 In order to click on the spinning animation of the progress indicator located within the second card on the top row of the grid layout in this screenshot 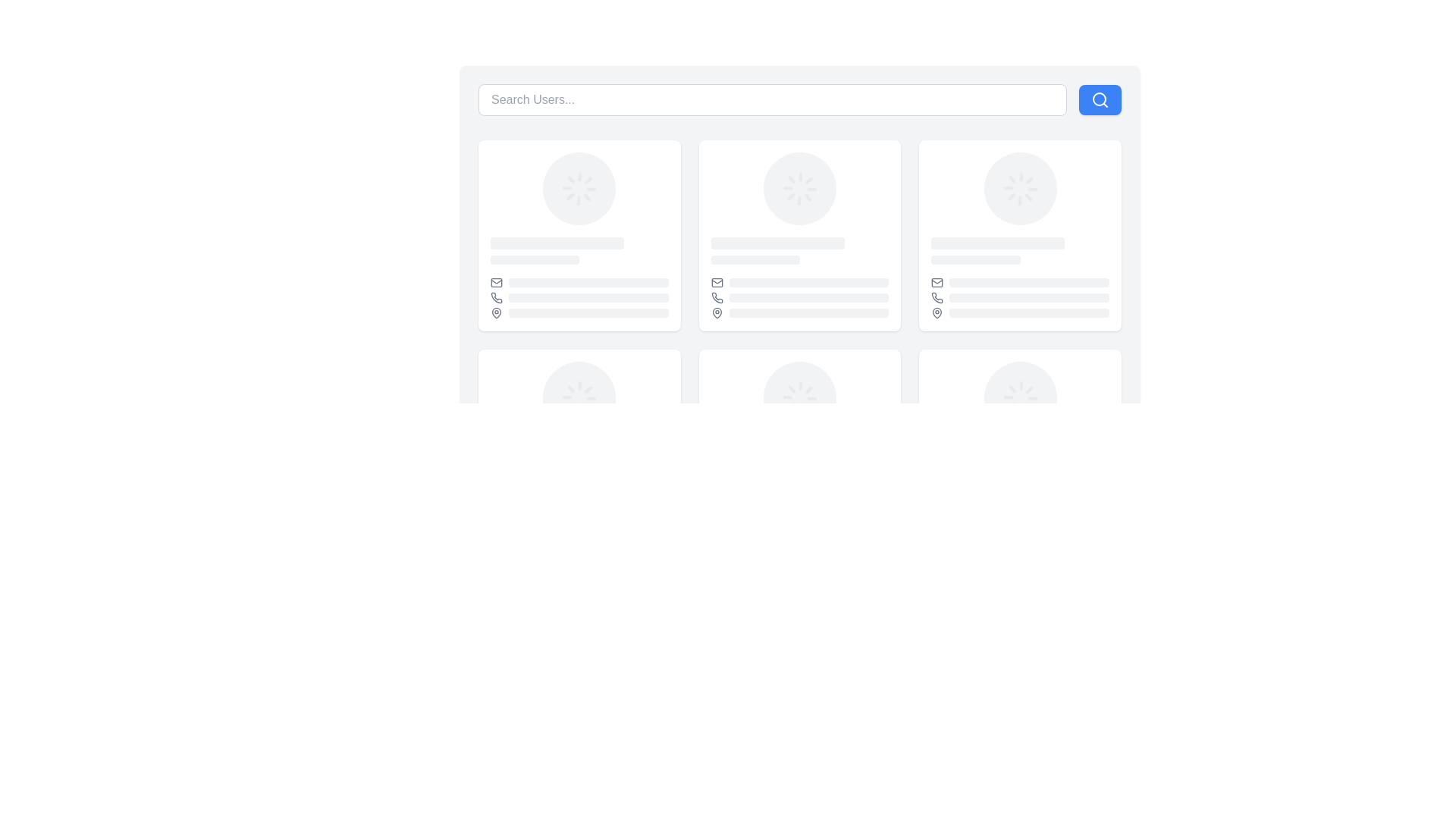, I will do `click(1020, 188)`.